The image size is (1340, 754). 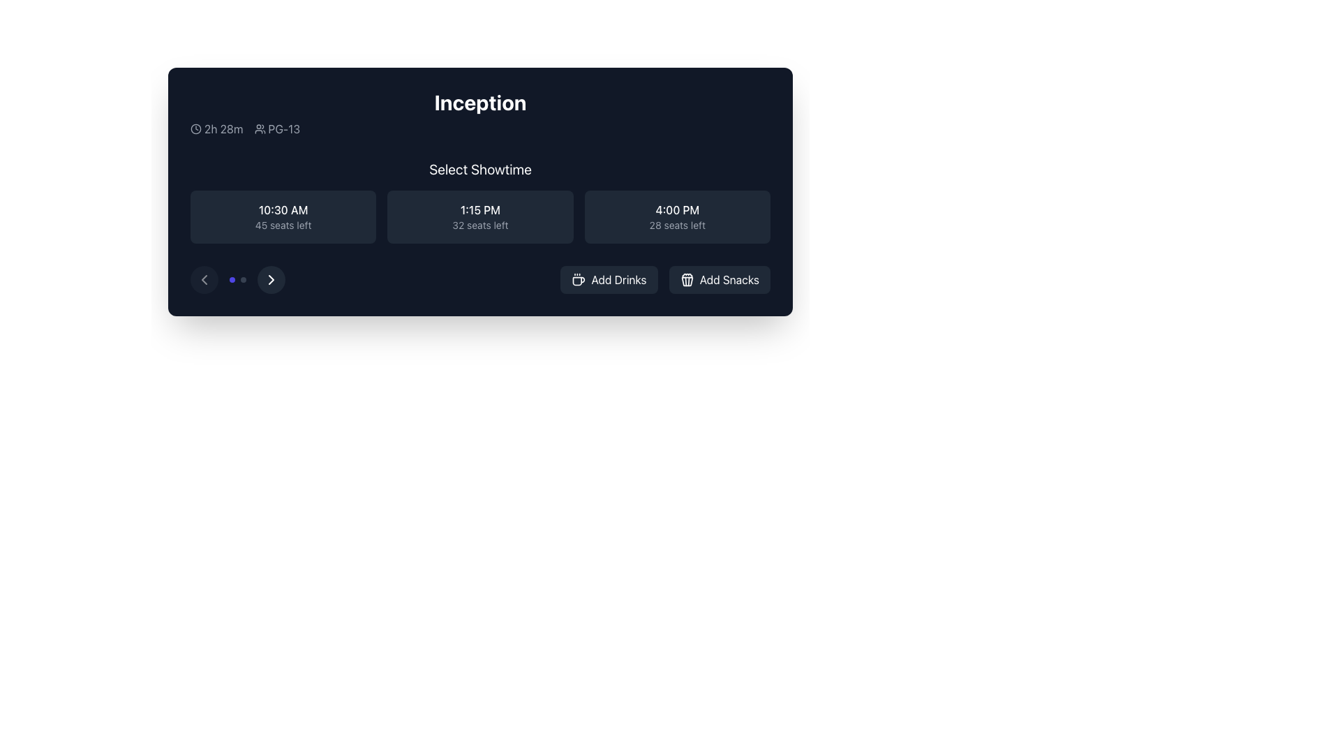 I want to click on the rightward-pointing arrow icon located within a circular button with a dark background and light-colored border, so click(x=271, y=280).